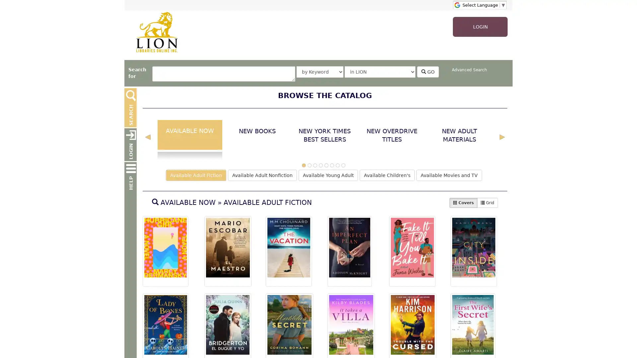 Image resolution: width=637 pixels, height=358 pixels. What do you see at coordinates (328, 175) in the screenshot?
I see `Available Young Adult` at bounding box center [328, 175].